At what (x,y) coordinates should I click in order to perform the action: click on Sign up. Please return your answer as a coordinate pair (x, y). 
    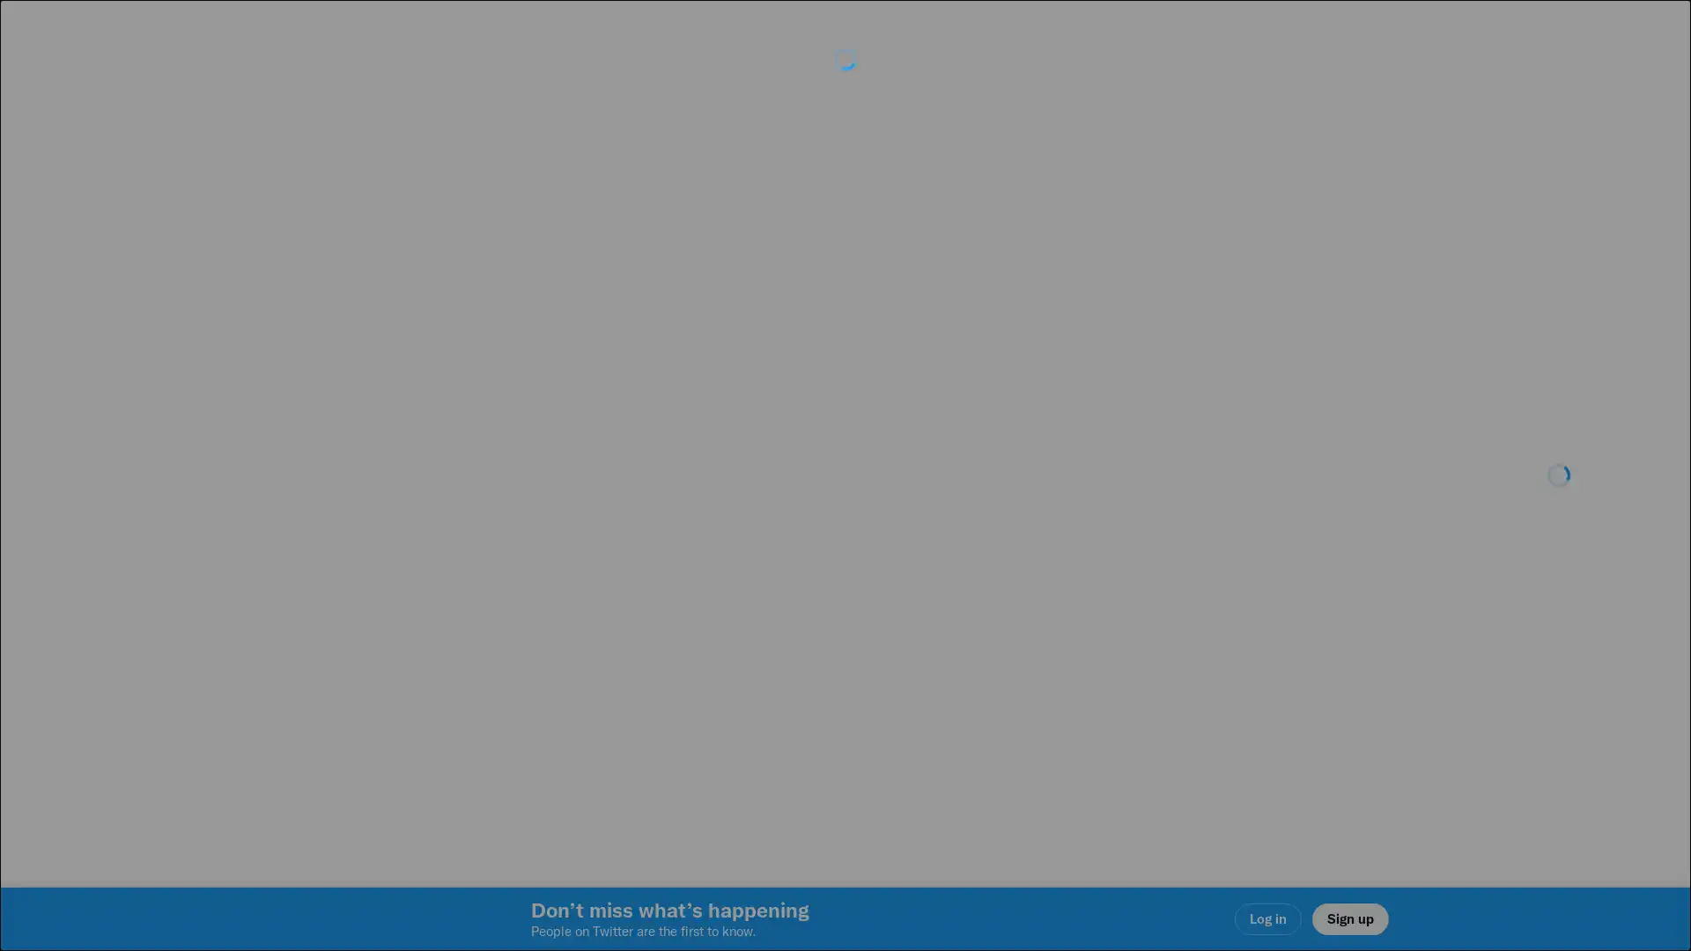
    Looking at the image, I should click on (636, 600).